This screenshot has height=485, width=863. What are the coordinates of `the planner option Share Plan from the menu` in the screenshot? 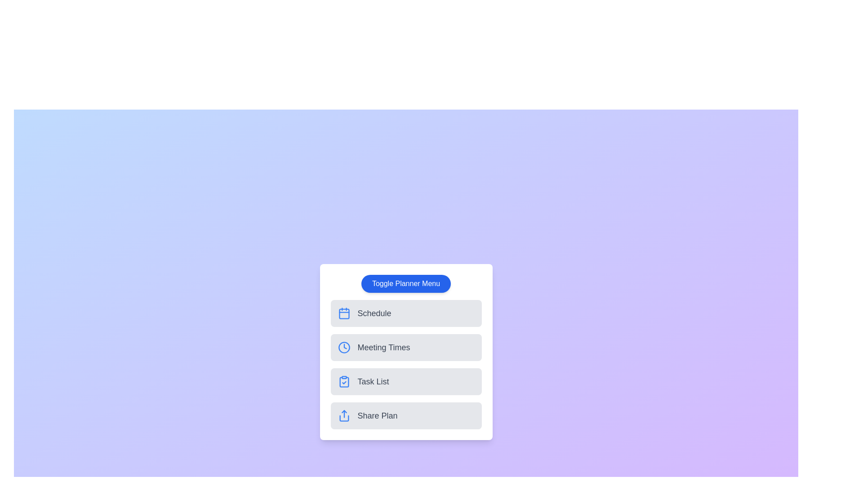 It's located at (405, 415).